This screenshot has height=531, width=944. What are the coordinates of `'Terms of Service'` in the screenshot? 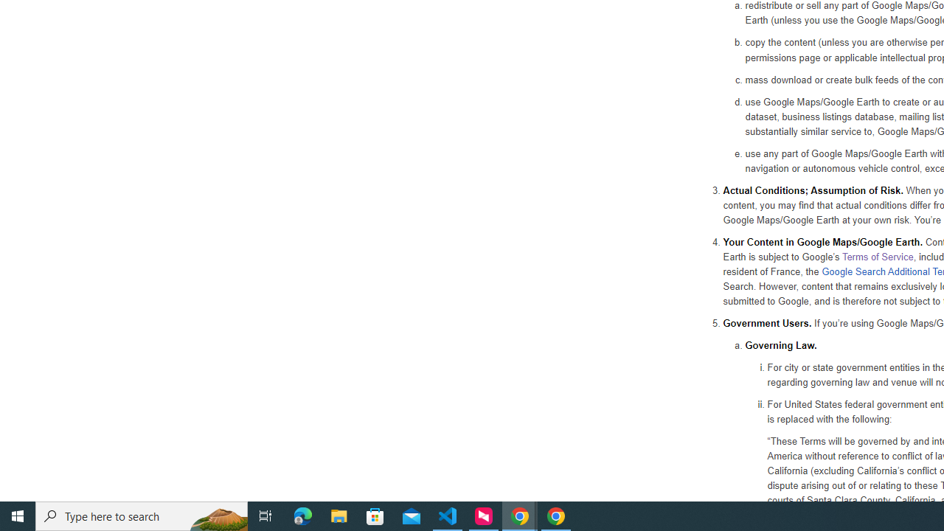 It's located at (877, 255).